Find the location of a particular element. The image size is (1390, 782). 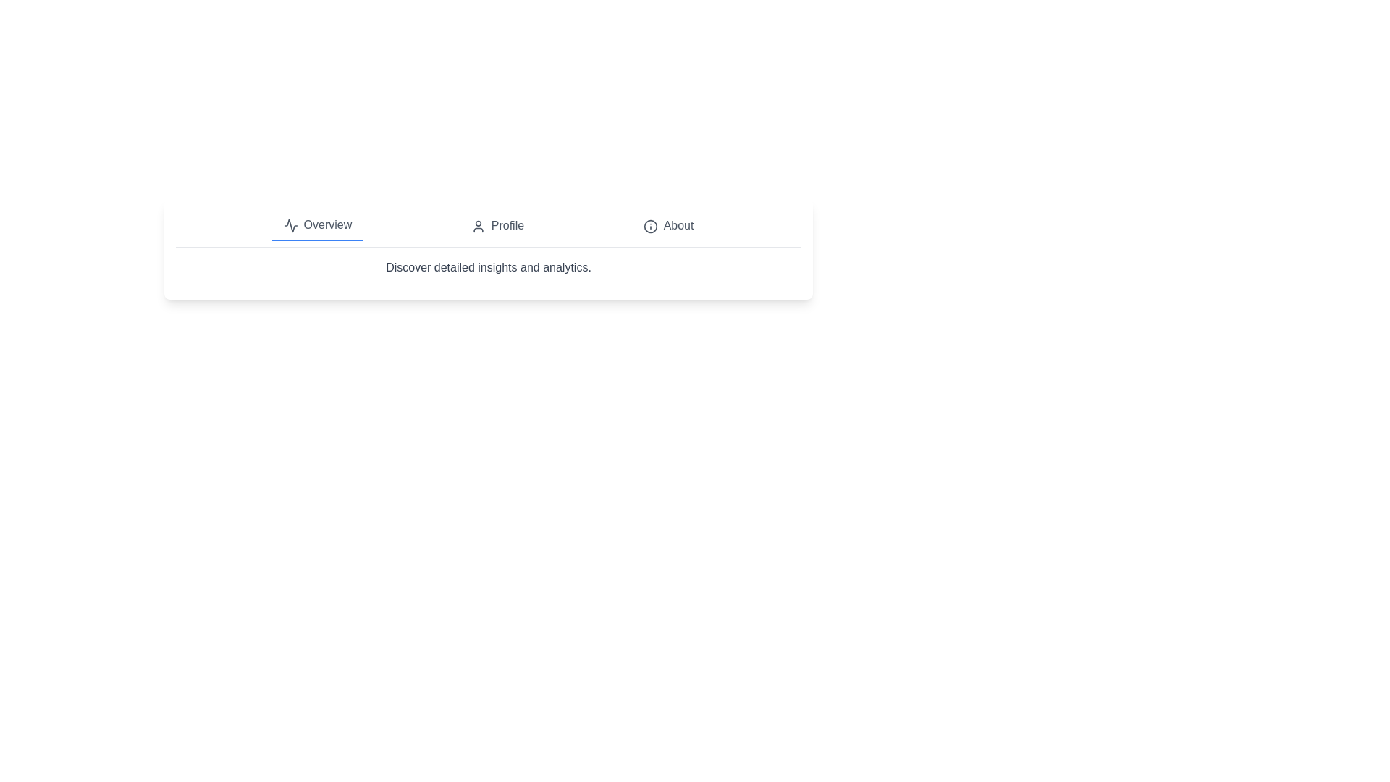

the tab labeled About is located at coordinates (667, 226).